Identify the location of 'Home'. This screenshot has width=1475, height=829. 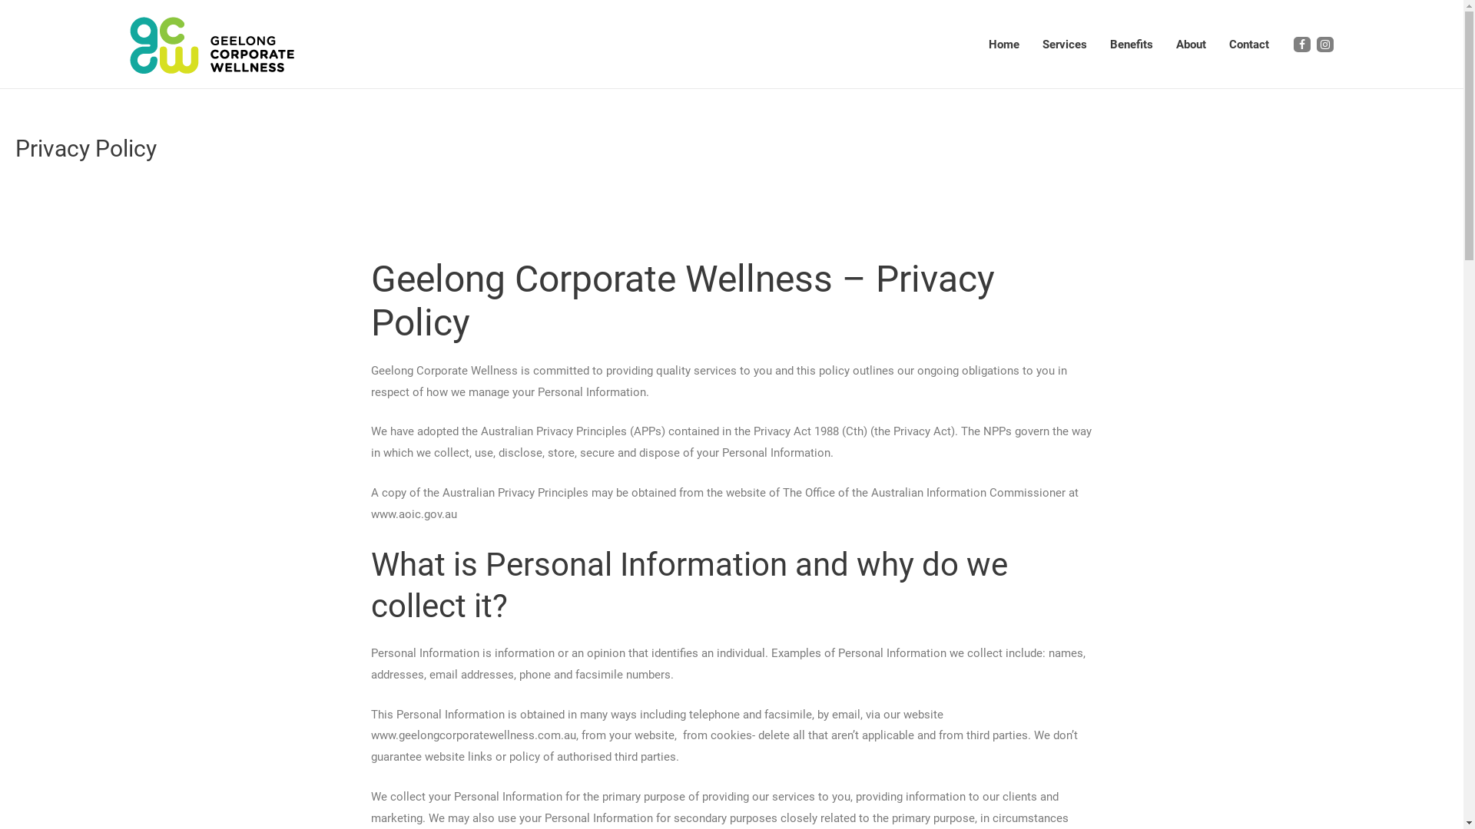
(1003, 43).